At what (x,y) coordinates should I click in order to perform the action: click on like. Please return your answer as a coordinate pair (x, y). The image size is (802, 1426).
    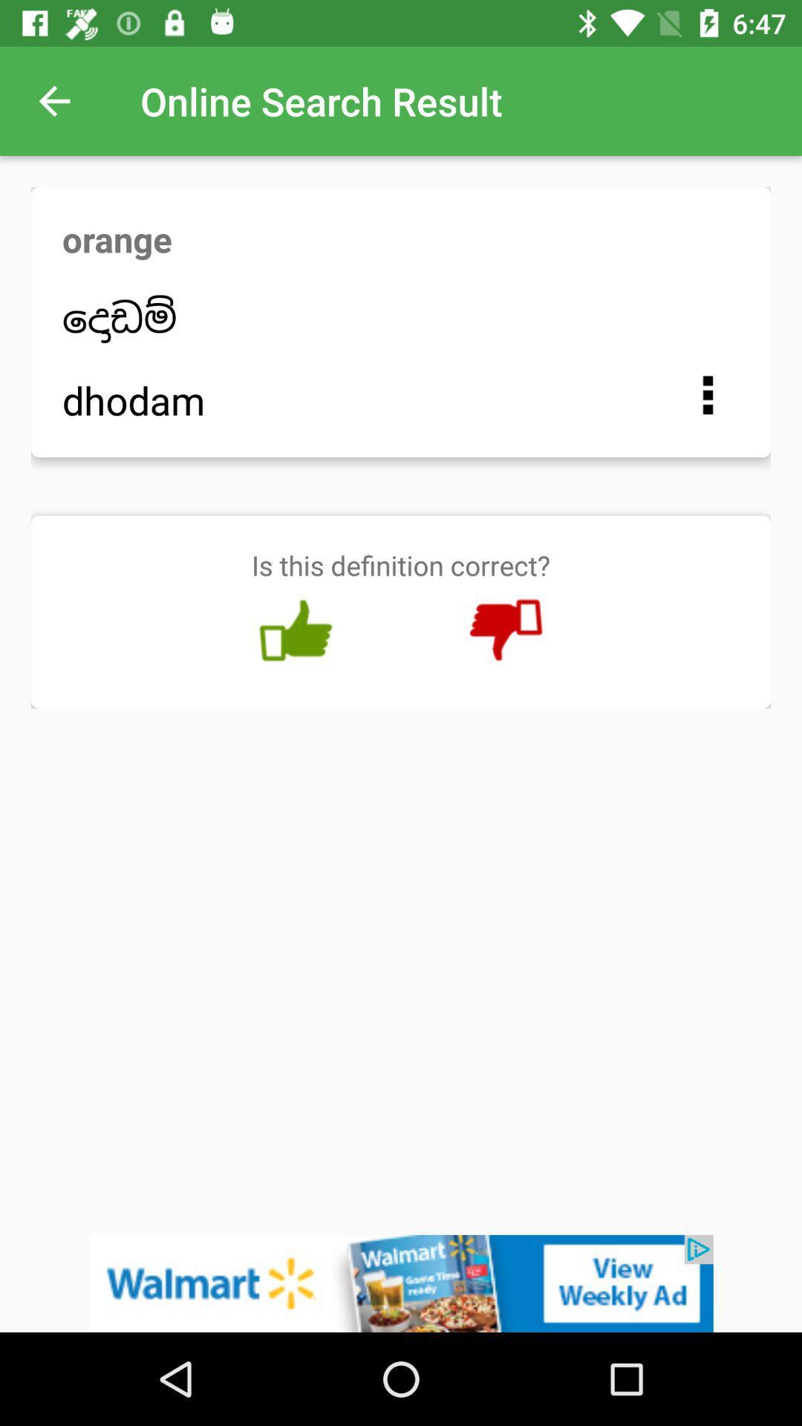
    Looking at the image, I should click on (296, 631).